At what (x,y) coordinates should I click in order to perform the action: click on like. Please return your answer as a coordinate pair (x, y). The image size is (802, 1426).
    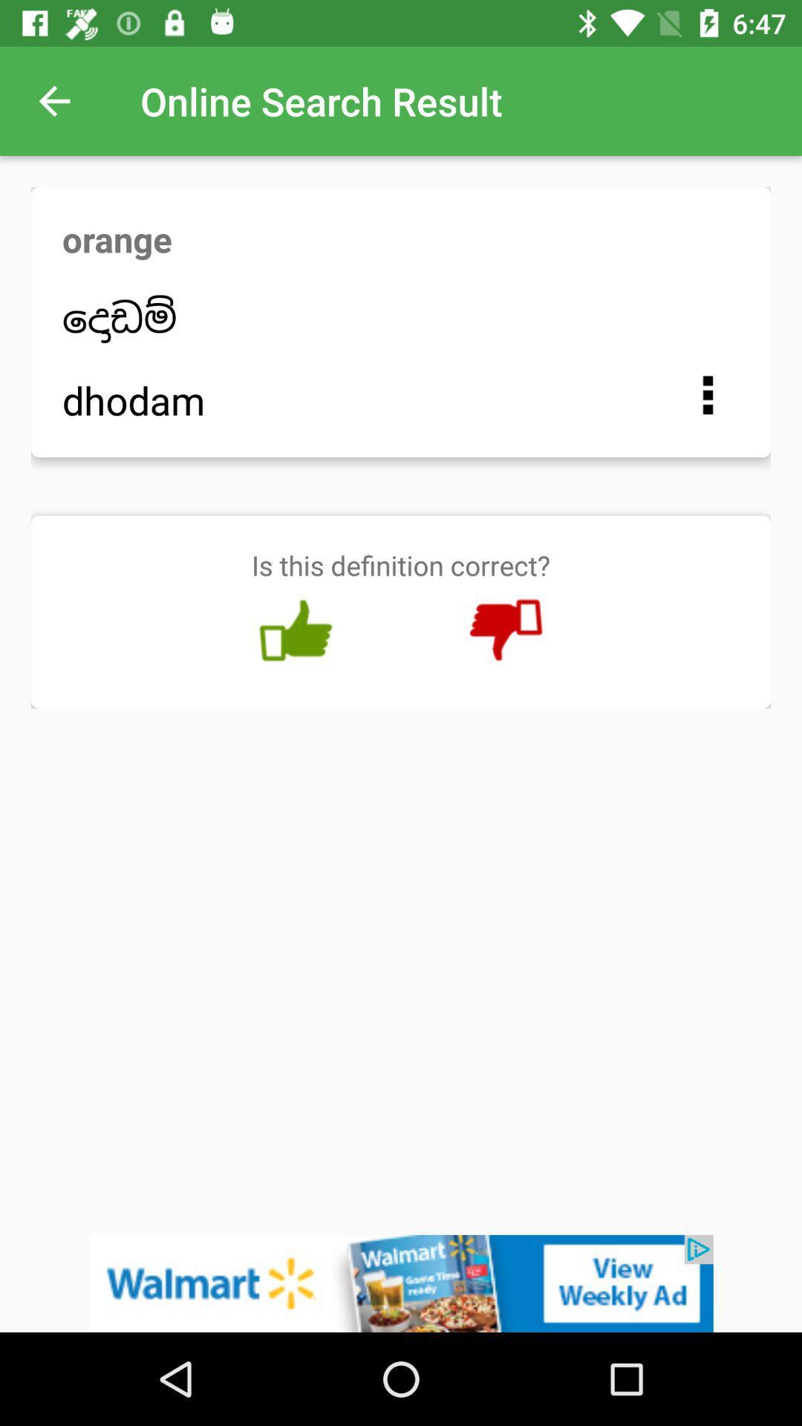
    Looking at the image, I should click on (296, 631).